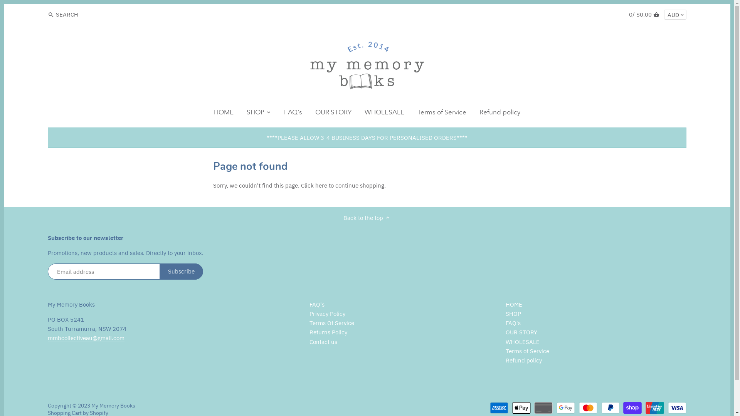  What do you see at coordinates (86, 338) in the screenshot?
I see `'mmbcollectiveau@gmail.com'` at bounding box center [86, 338].